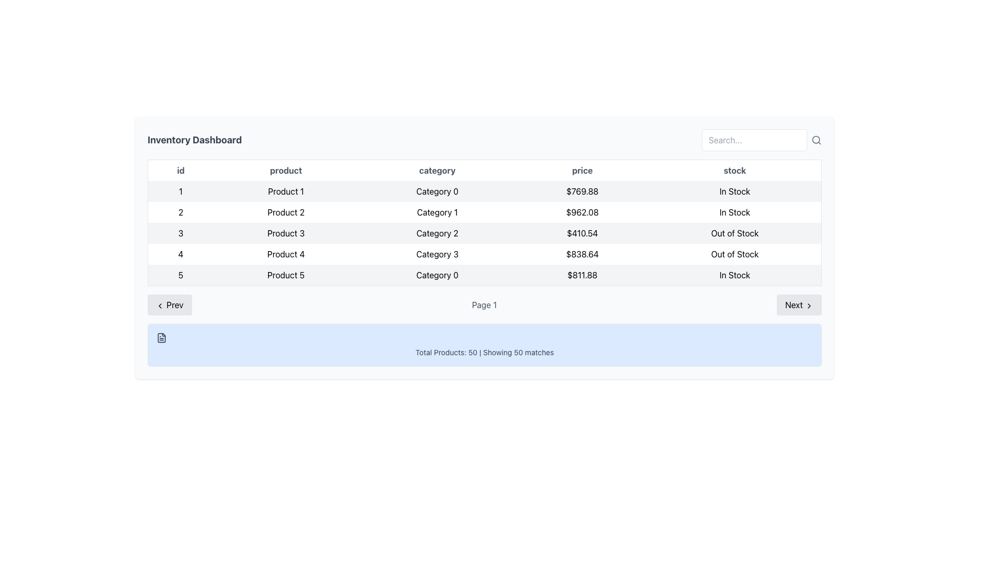 This screenshot has height=565, width=1005. I want to click on the search icon, which is a magnifying glass graphic with a circular rim, positioned directly to the right of the search input field, so click(816, 139).